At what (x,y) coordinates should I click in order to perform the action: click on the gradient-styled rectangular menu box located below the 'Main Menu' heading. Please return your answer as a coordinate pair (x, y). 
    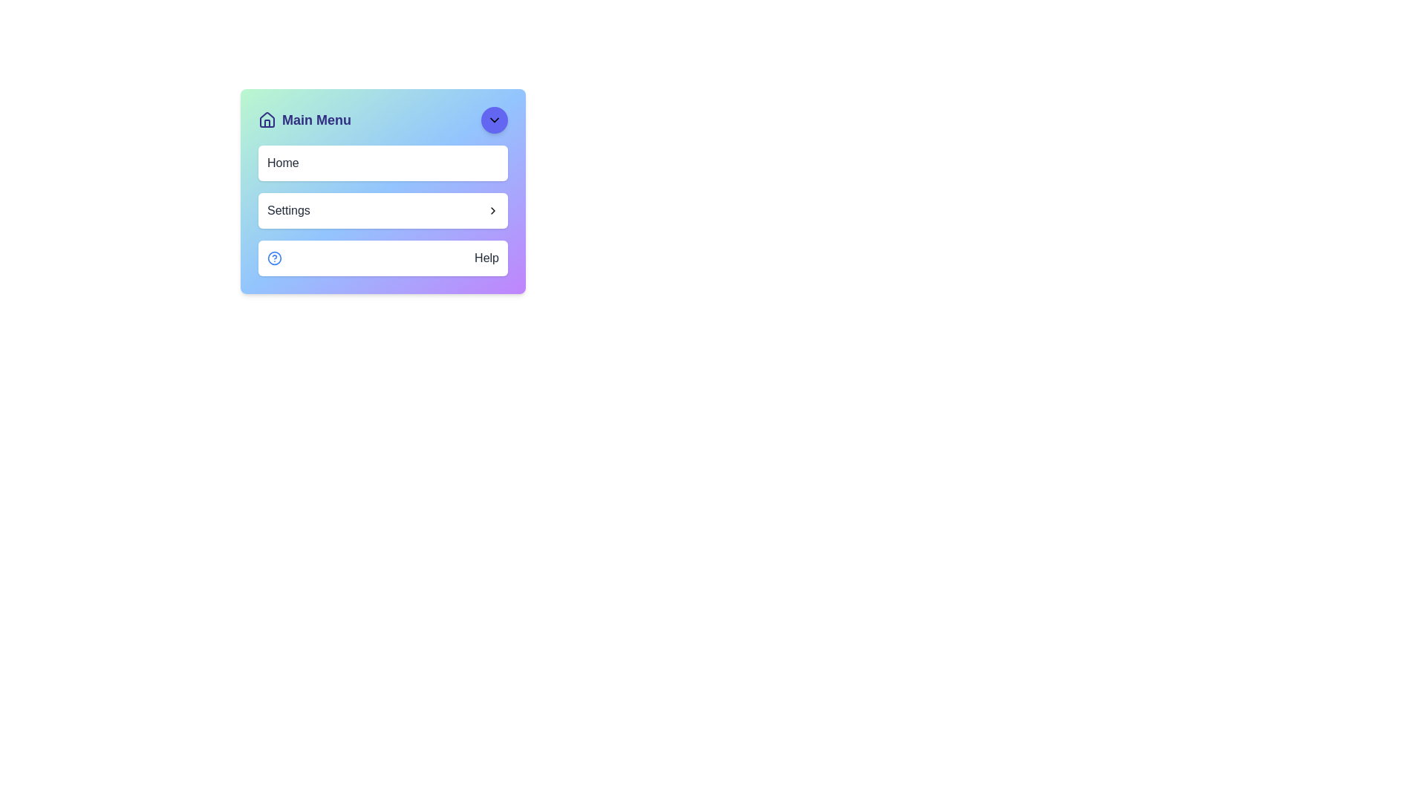
    Looking at the image, I should click on (382, 191).